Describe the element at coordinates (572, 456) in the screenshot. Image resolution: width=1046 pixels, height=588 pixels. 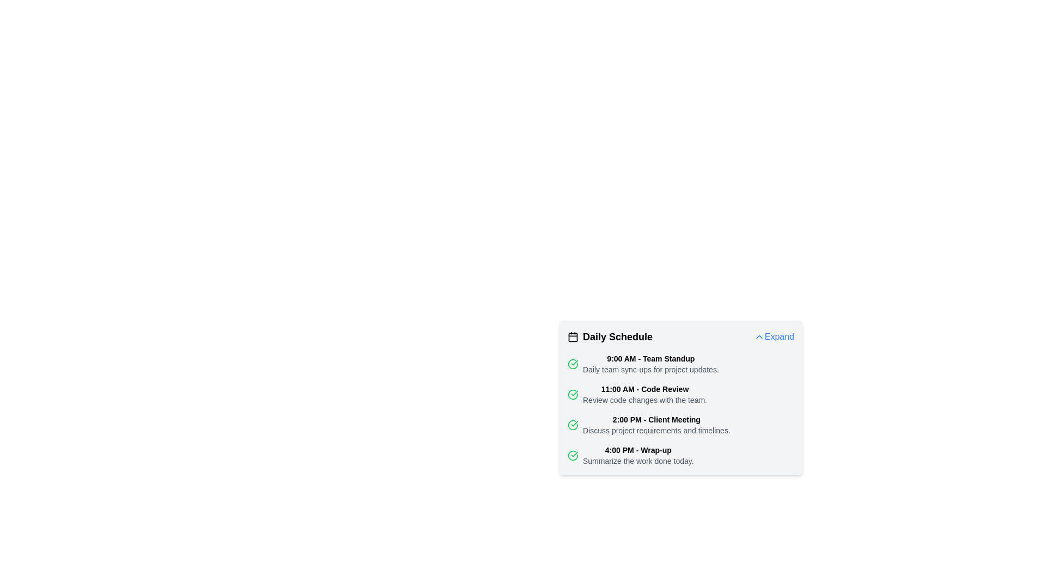
I see `green circular icon with a checkmark indicating a completed status, located to the left of the bold text '4:00 PM - Wrap-up' in the daily schedule list` at that location.